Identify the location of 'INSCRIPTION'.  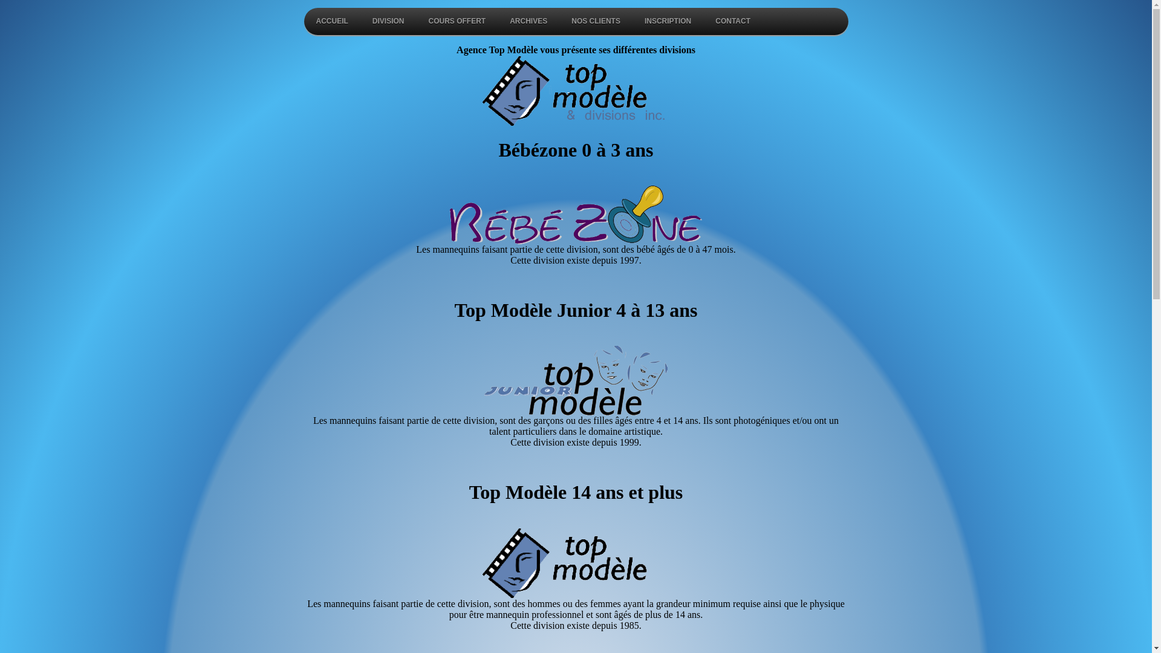
(667, 21).